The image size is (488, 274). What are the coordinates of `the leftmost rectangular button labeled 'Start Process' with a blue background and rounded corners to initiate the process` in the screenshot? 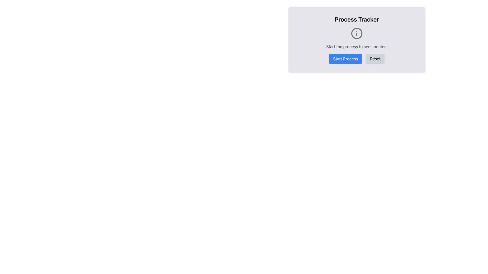 It's located at (345, 58).